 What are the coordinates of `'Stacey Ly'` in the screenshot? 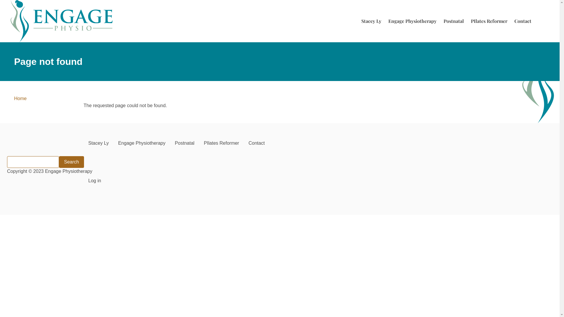 It's located at (83, 143).